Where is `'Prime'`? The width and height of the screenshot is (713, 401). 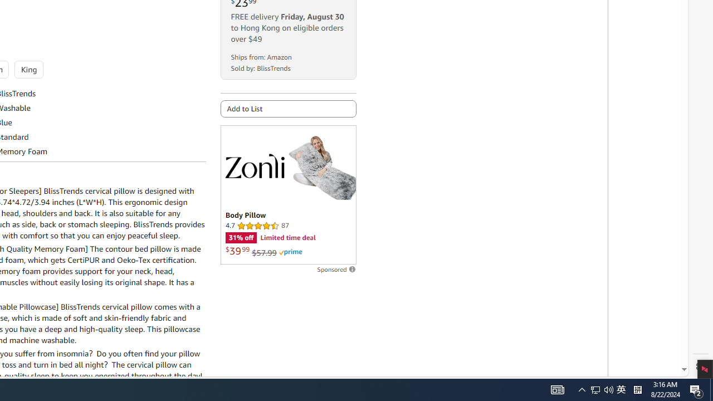 'Prime' is located at coordinates (290, 252).